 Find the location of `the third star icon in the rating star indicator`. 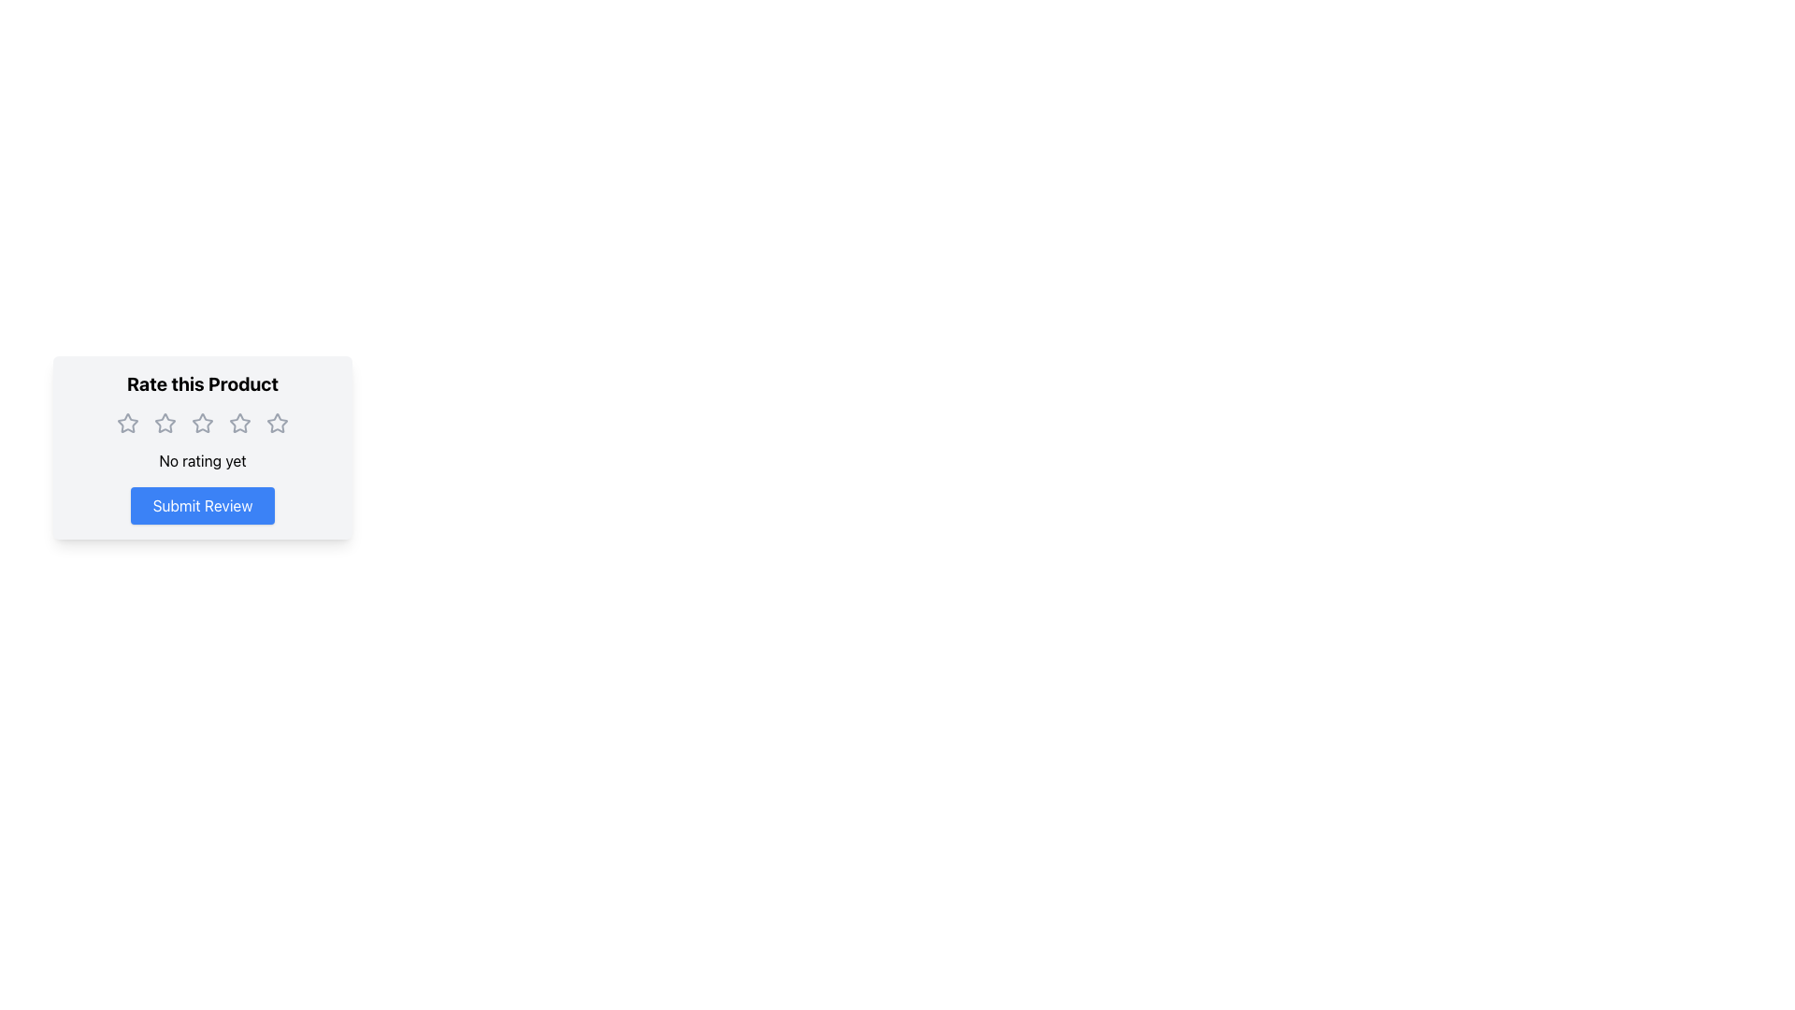

the third star icon in the rating star indicator is located at coordinates (202, 423).